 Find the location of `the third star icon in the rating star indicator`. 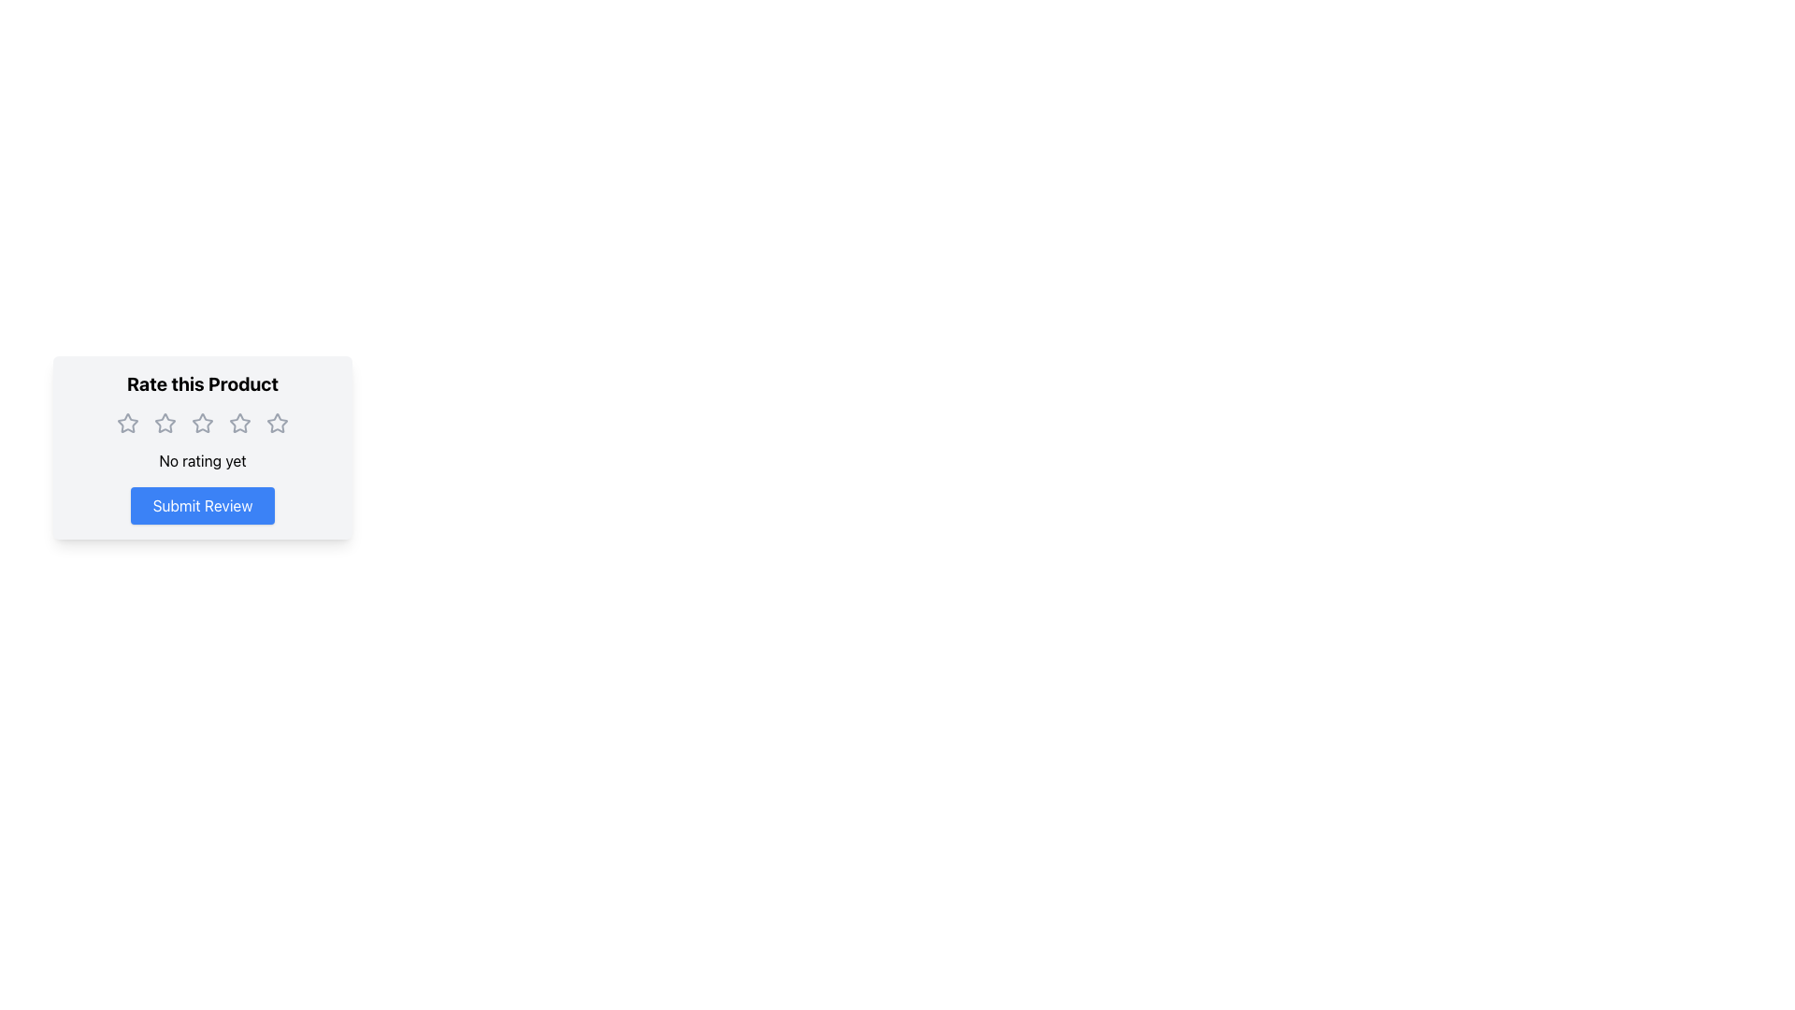

the third star icon in the rating star indicator is located at coordinates (202, 423).